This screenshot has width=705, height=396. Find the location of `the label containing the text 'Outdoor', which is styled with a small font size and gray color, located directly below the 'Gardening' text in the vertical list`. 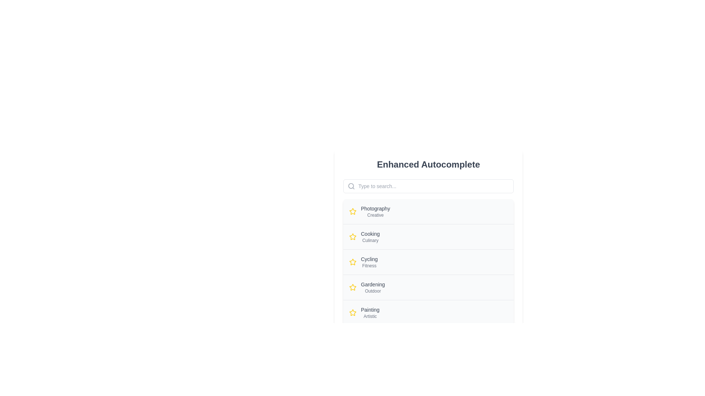

the label containing the text 'Outdoor', which is styled with a small font size and gray color, located directly below the 'Gardening' text in the vertical list is located at coordinates (373, 291).